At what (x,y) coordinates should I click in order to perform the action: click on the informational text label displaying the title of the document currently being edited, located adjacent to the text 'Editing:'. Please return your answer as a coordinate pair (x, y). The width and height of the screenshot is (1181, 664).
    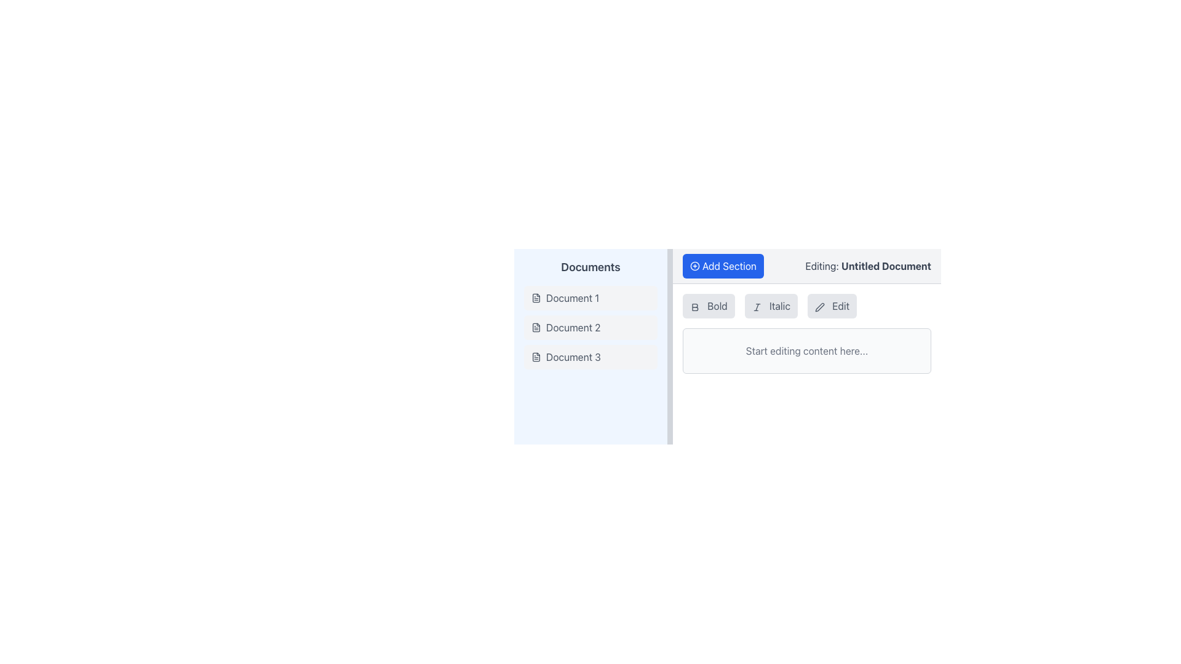
    Looking at the image, I should click on (886, 265).